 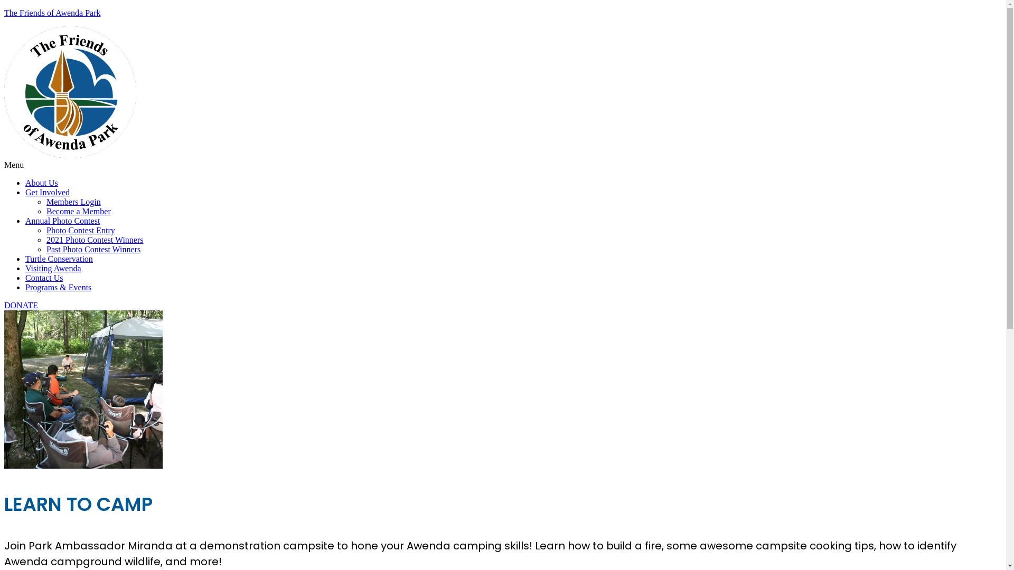 What do you see at coordinates (58, 259) in the screenshot?
I see `'Turtle Conservation'` at bounding box center [58, 259].